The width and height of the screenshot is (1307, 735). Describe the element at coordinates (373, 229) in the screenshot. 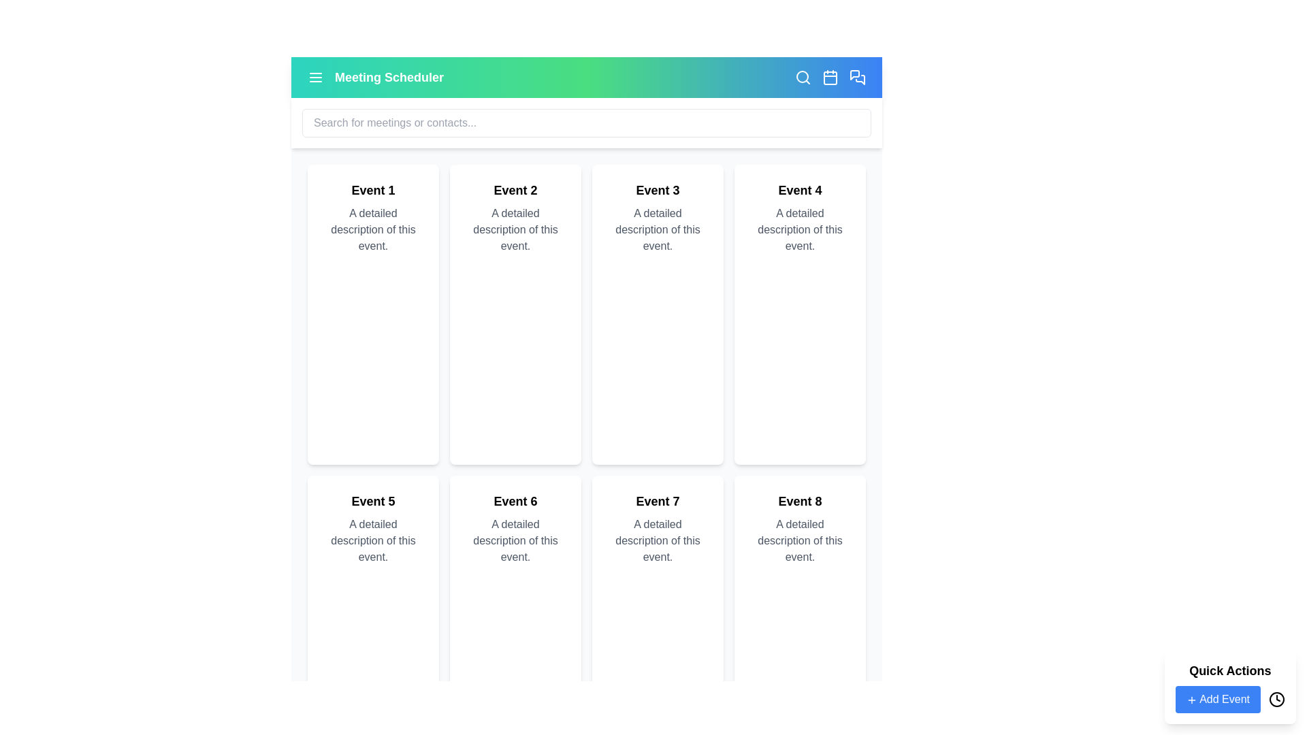

I see `descriptive summary text located below the title 'Event 1' in the first event card positioned in the top-left corner of the grid layout` at that location.